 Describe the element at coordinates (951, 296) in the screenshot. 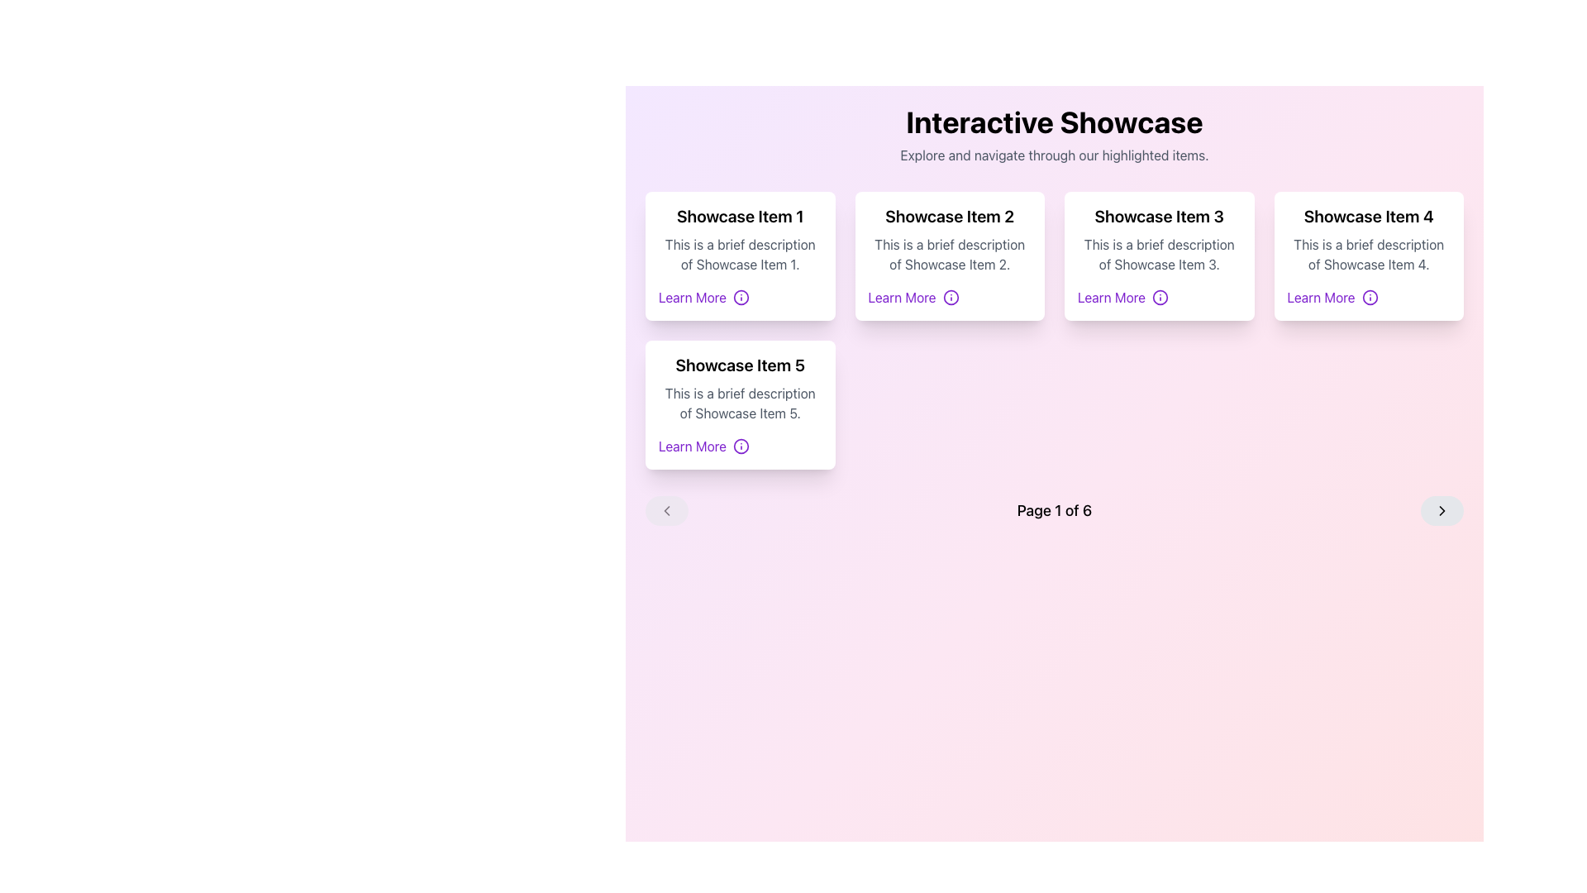

I see `the visual indicator icon for the 'Learn More' link located slightly to the right of the 'Learn More' text in the 'Showcase Item 2' card` at that location.